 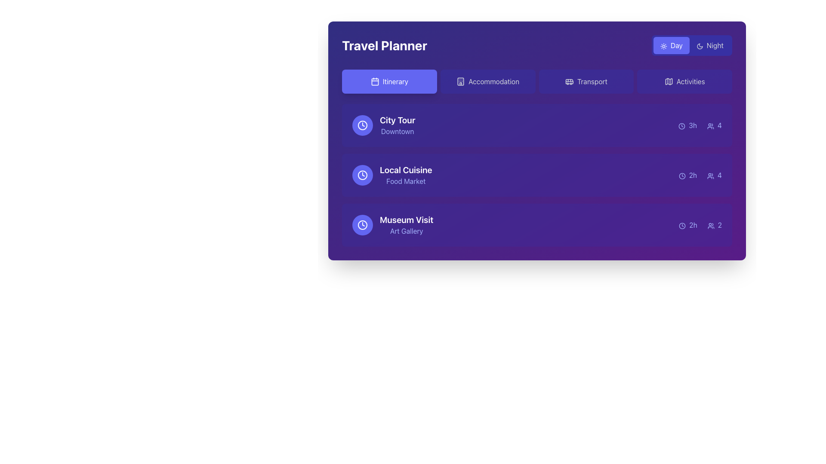 What do you see at coordinates (586, 81) in the screenshot?
I see `the third navigation button in the horizontal row at the top of the interface` at bounding box center [586, 81].